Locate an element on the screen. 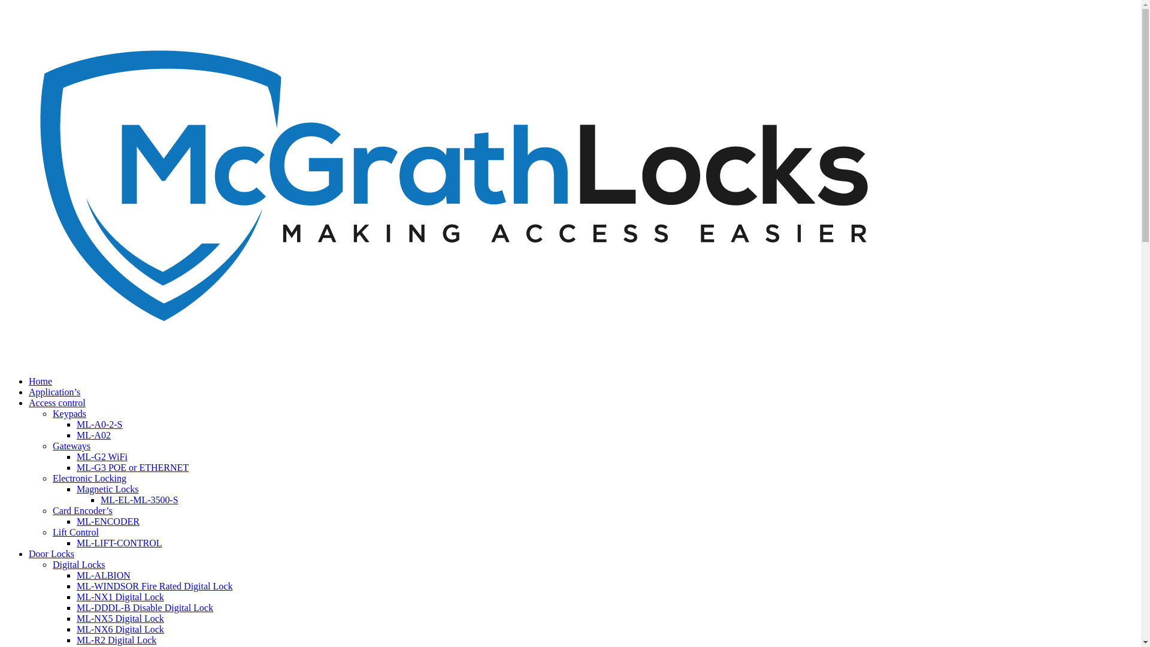  'ML-ENCODER' is located at coordinates (108, 521).